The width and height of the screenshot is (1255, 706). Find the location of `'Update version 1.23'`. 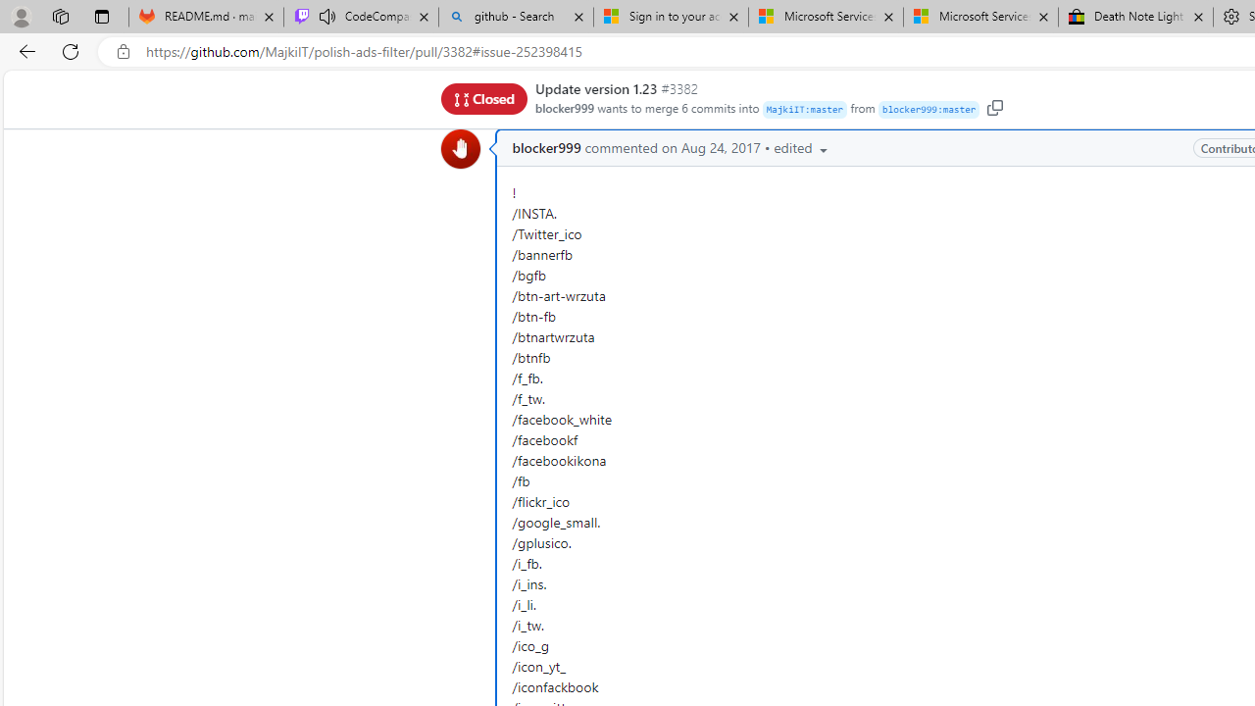

'Update version 1.23' is located at coordinates (595, 88).